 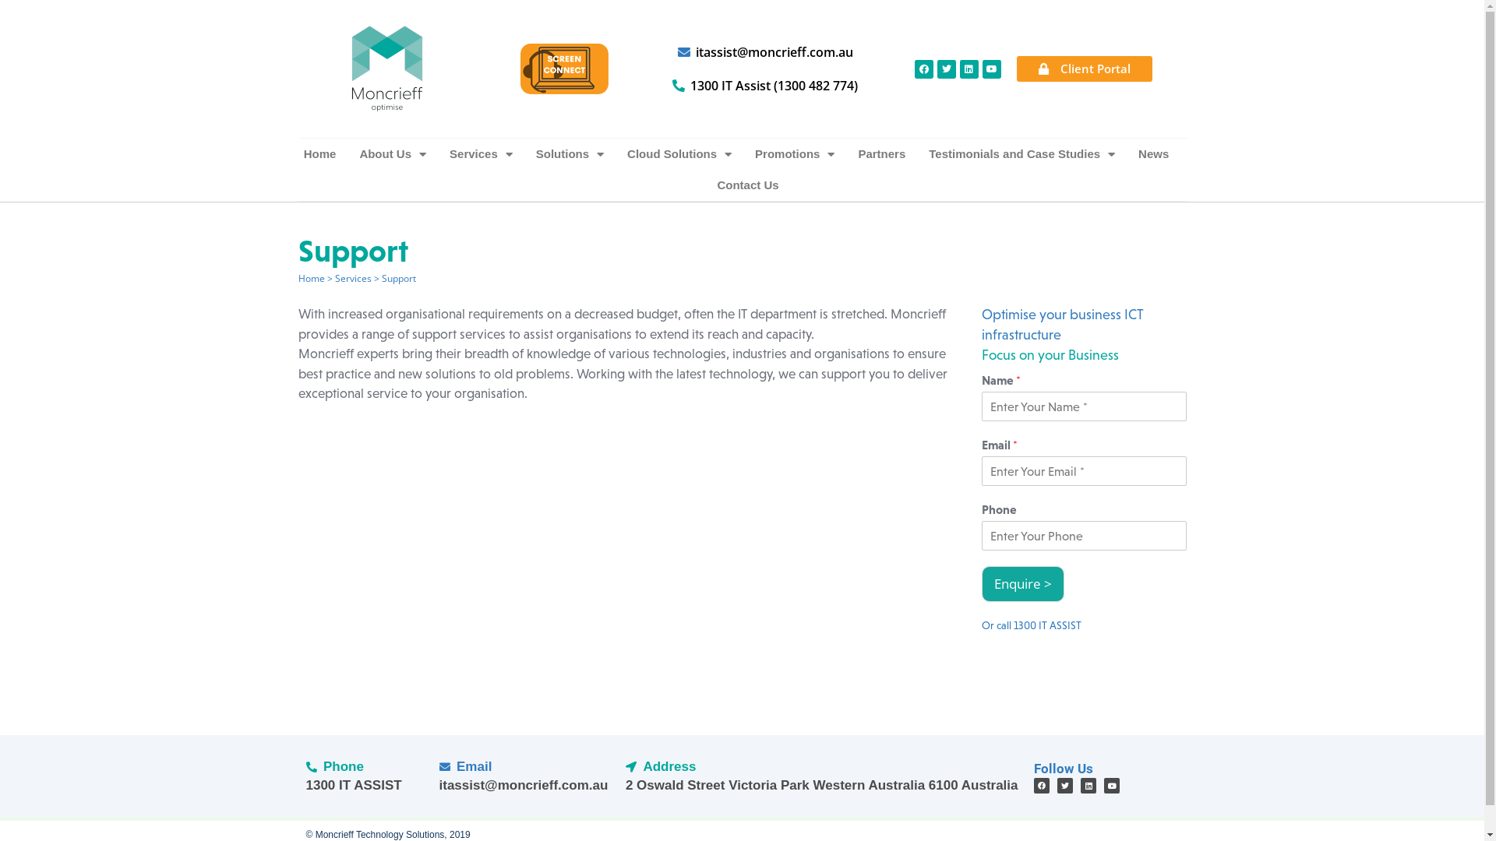 What do you see at coordinates (764, 51) in the screenshot?
I see `'itassist@moncrieff.com.au'` at bounding box center [764, 51].